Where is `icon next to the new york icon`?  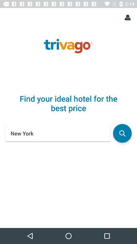
icon next to the new york icon is located at coordinates (122, 133).